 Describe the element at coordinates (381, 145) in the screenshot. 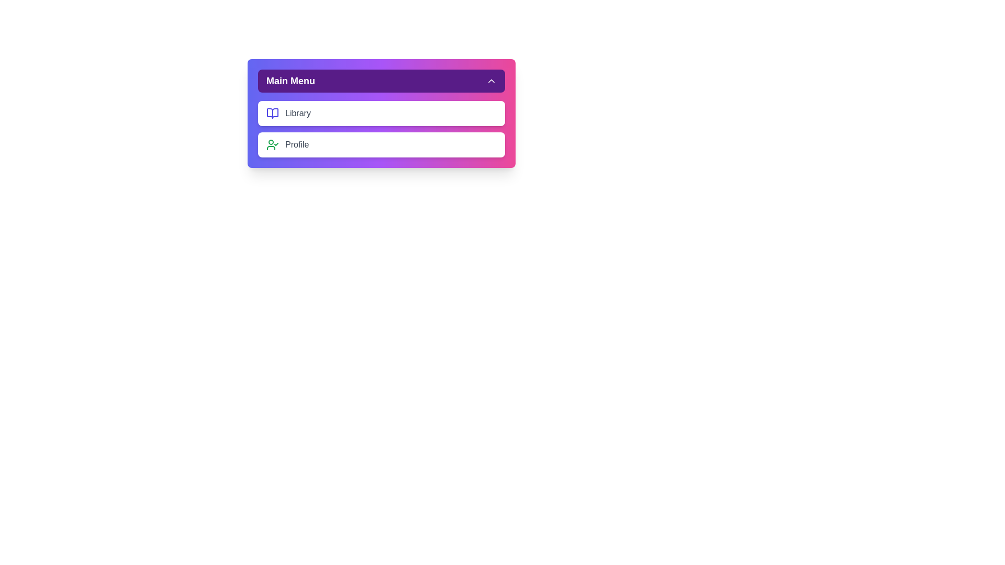

I see `the 'Profile' menu option, which is the second item under the 'Main Menu' section, located beneath the 'Library' item` at that location.